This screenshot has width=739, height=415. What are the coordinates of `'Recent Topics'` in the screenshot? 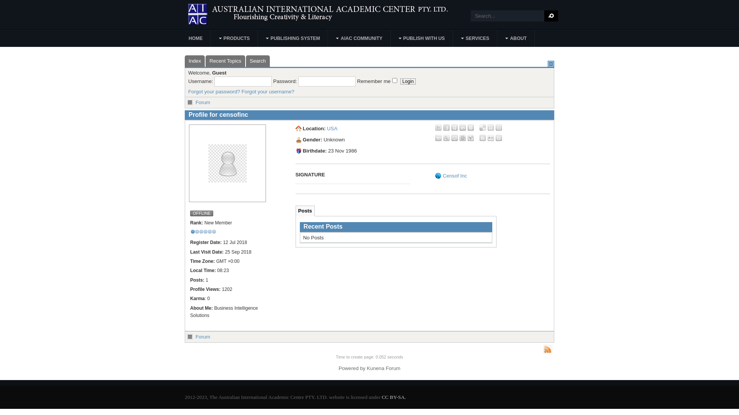 It's located at (225, 60).